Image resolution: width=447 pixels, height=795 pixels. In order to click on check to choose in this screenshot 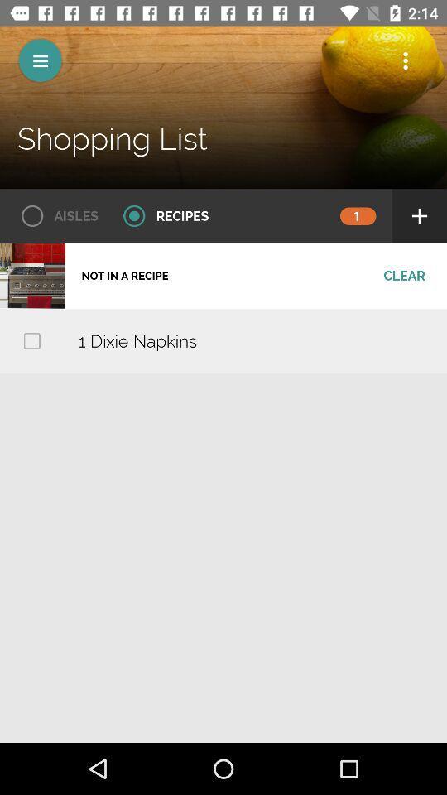, I will do `click(31, 340)`.